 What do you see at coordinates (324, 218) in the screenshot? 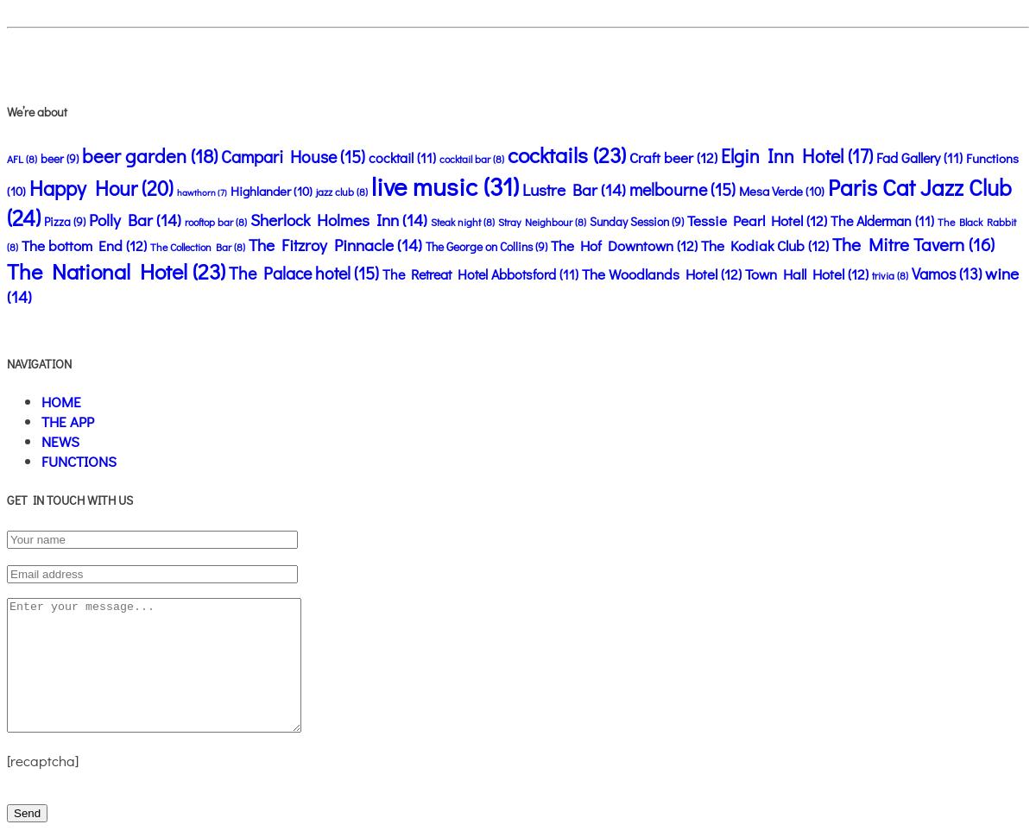
I see `'Sherlock Holmes Inn'` at bounding box center [324, 218].